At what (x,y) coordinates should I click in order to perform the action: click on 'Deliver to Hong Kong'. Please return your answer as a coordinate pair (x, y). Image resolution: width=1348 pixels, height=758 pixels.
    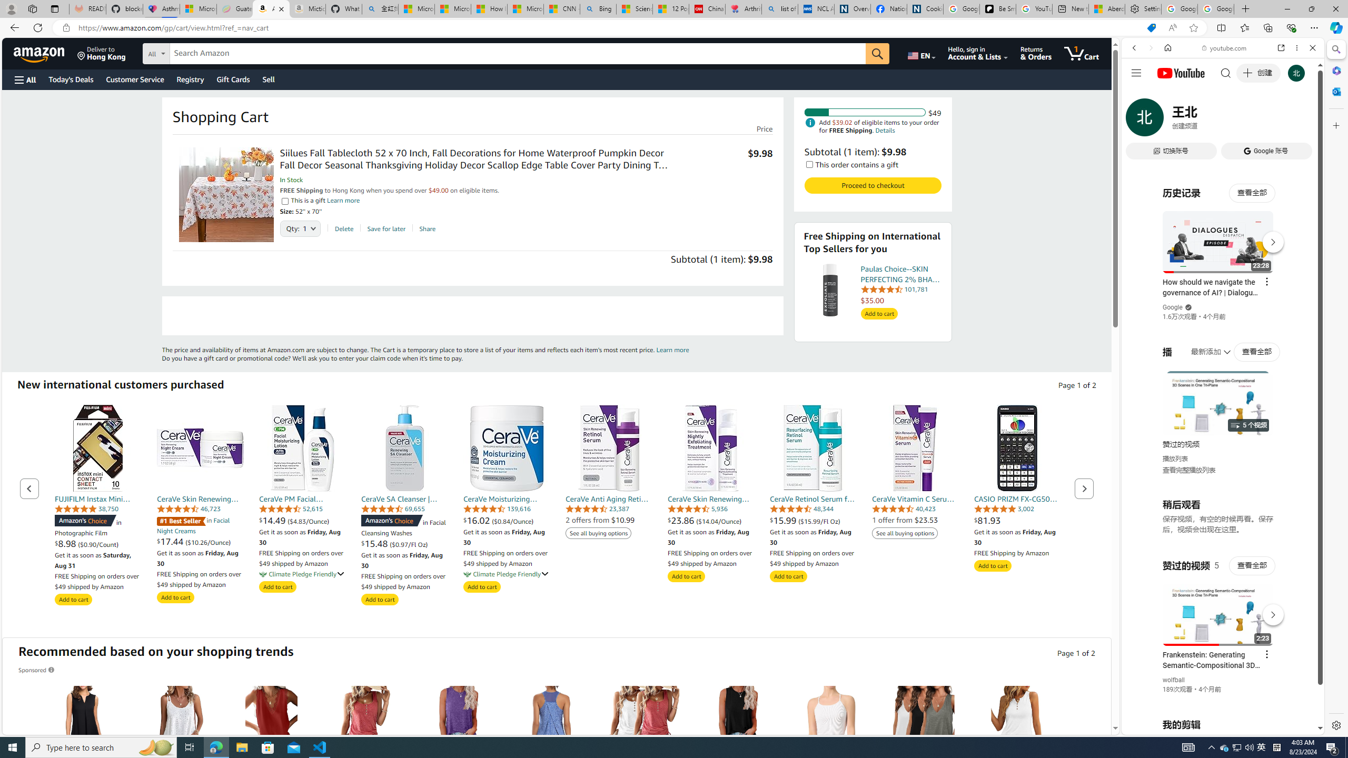
    Looking at the image, I should click on (101, 53).